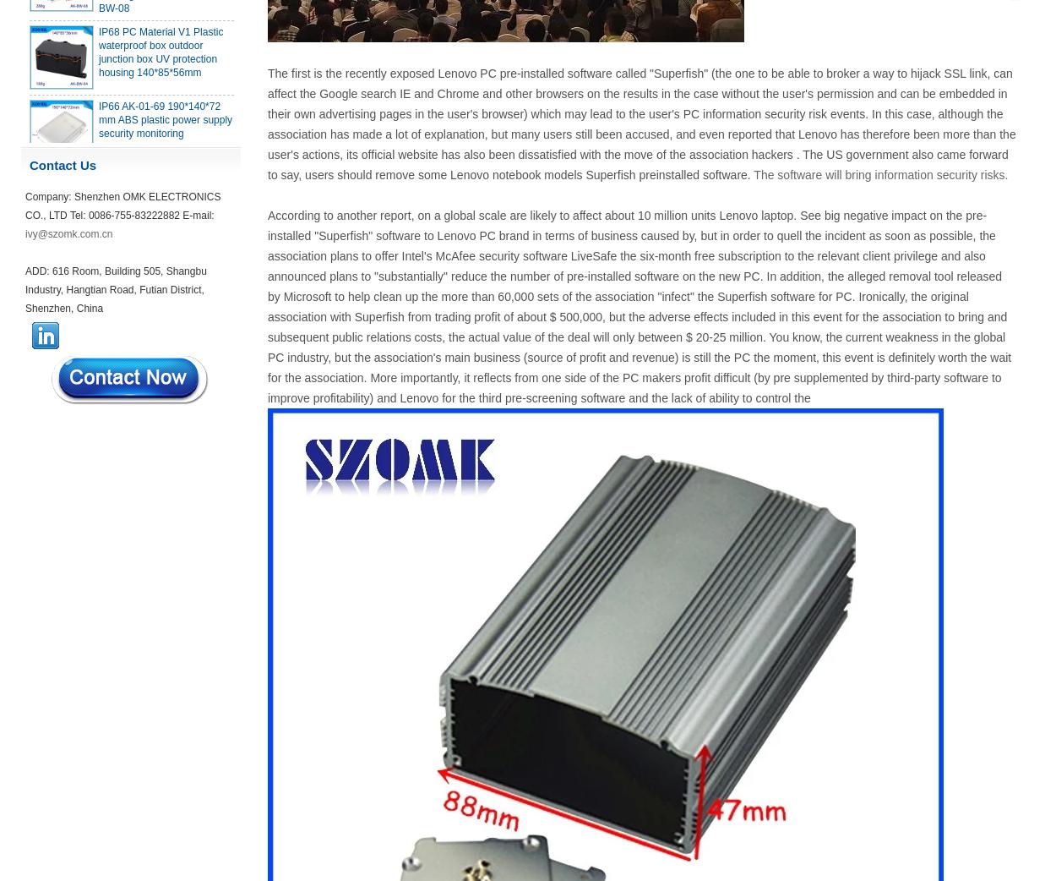 The image size is (1056, 881). I want to click on 'ADD: 616 Room, Building 505, Shangbu Industry, Hangtian Road, Futian District, Shenzhen, China', so click(116, 290).